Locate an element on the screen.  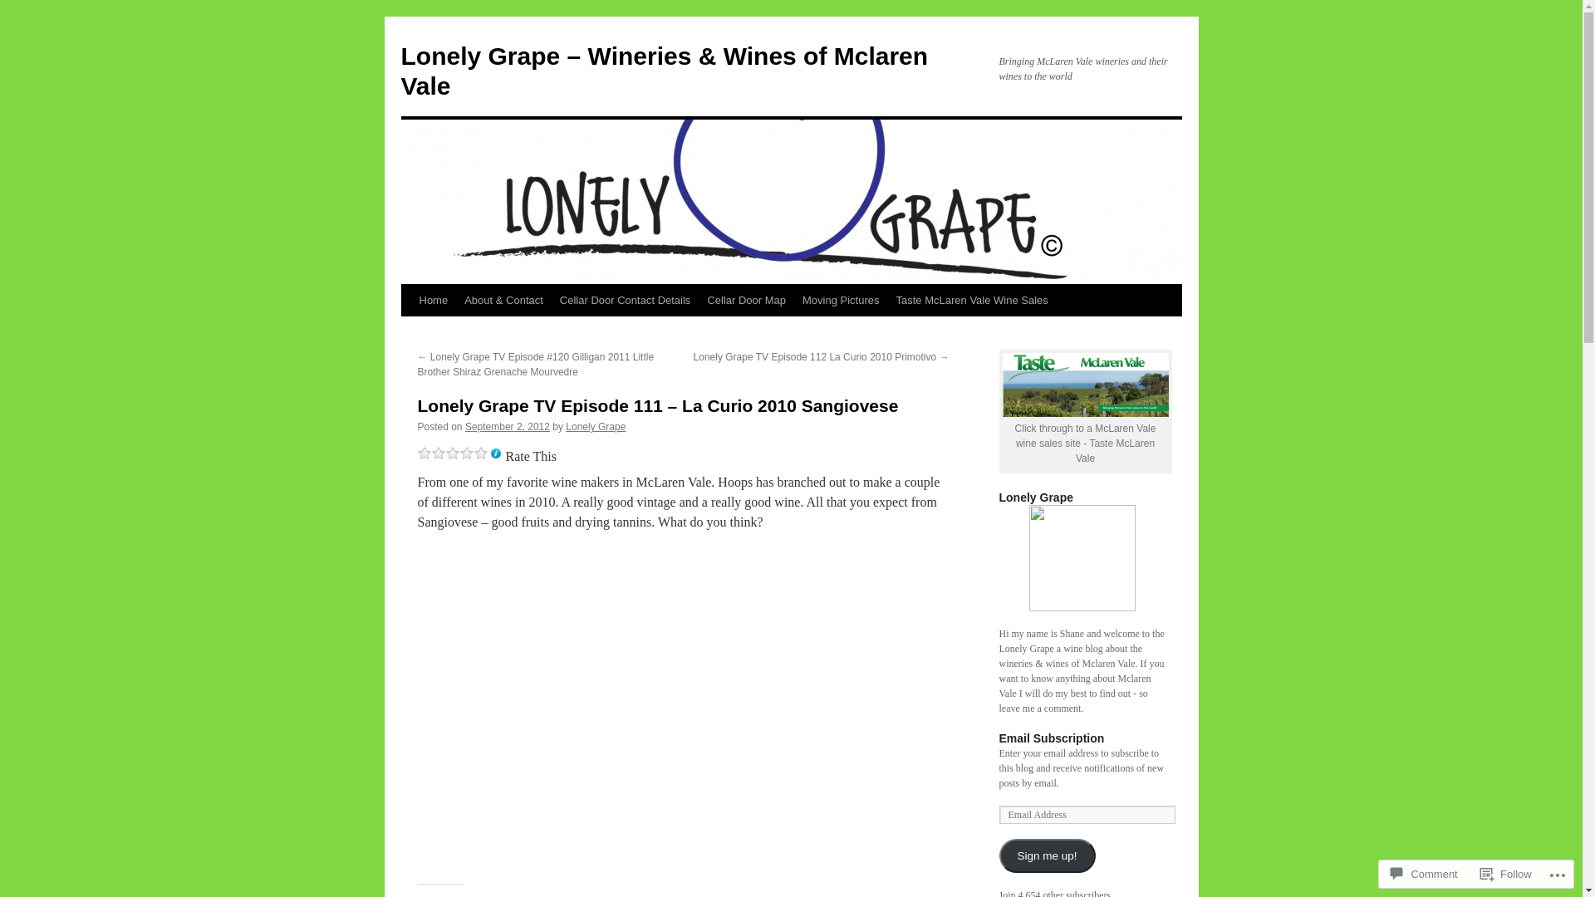
'Sign me up!' is located at coordinates (1045, 855).